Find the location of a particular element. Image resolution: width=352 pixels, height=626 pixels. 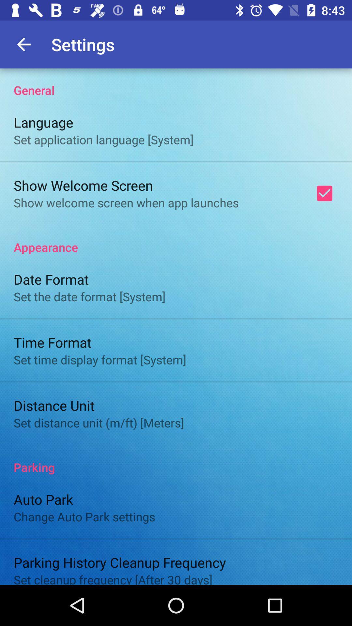

the set application language item is located at coordinates (103, 139).